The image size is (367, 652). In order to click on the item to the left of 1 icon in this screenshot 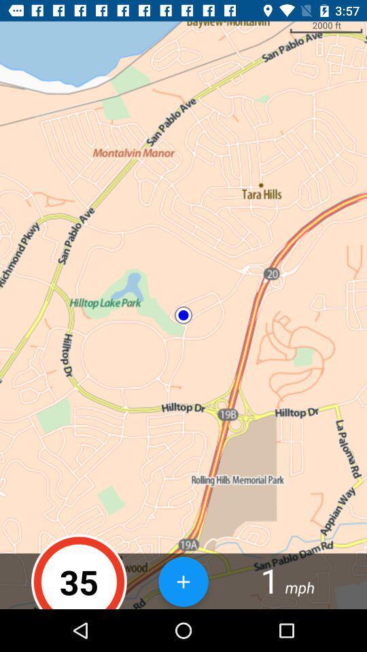, I will do `click(183, 581)`.